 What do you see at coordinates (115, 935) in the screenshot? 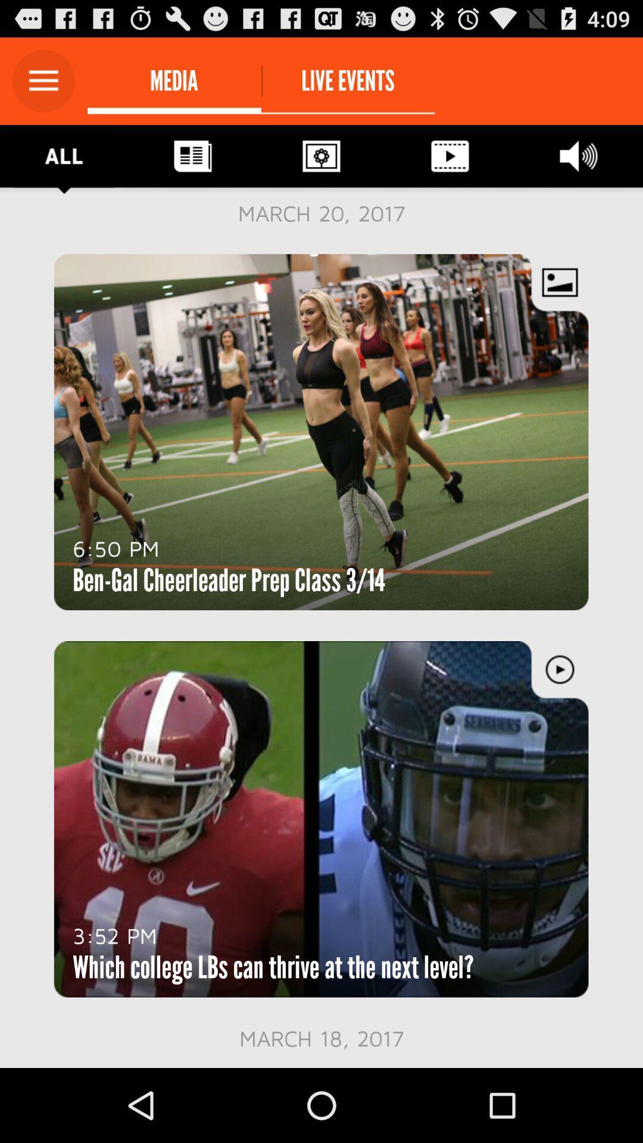
I see `the item above the which college lbs item` at bounding box center [115, 935].